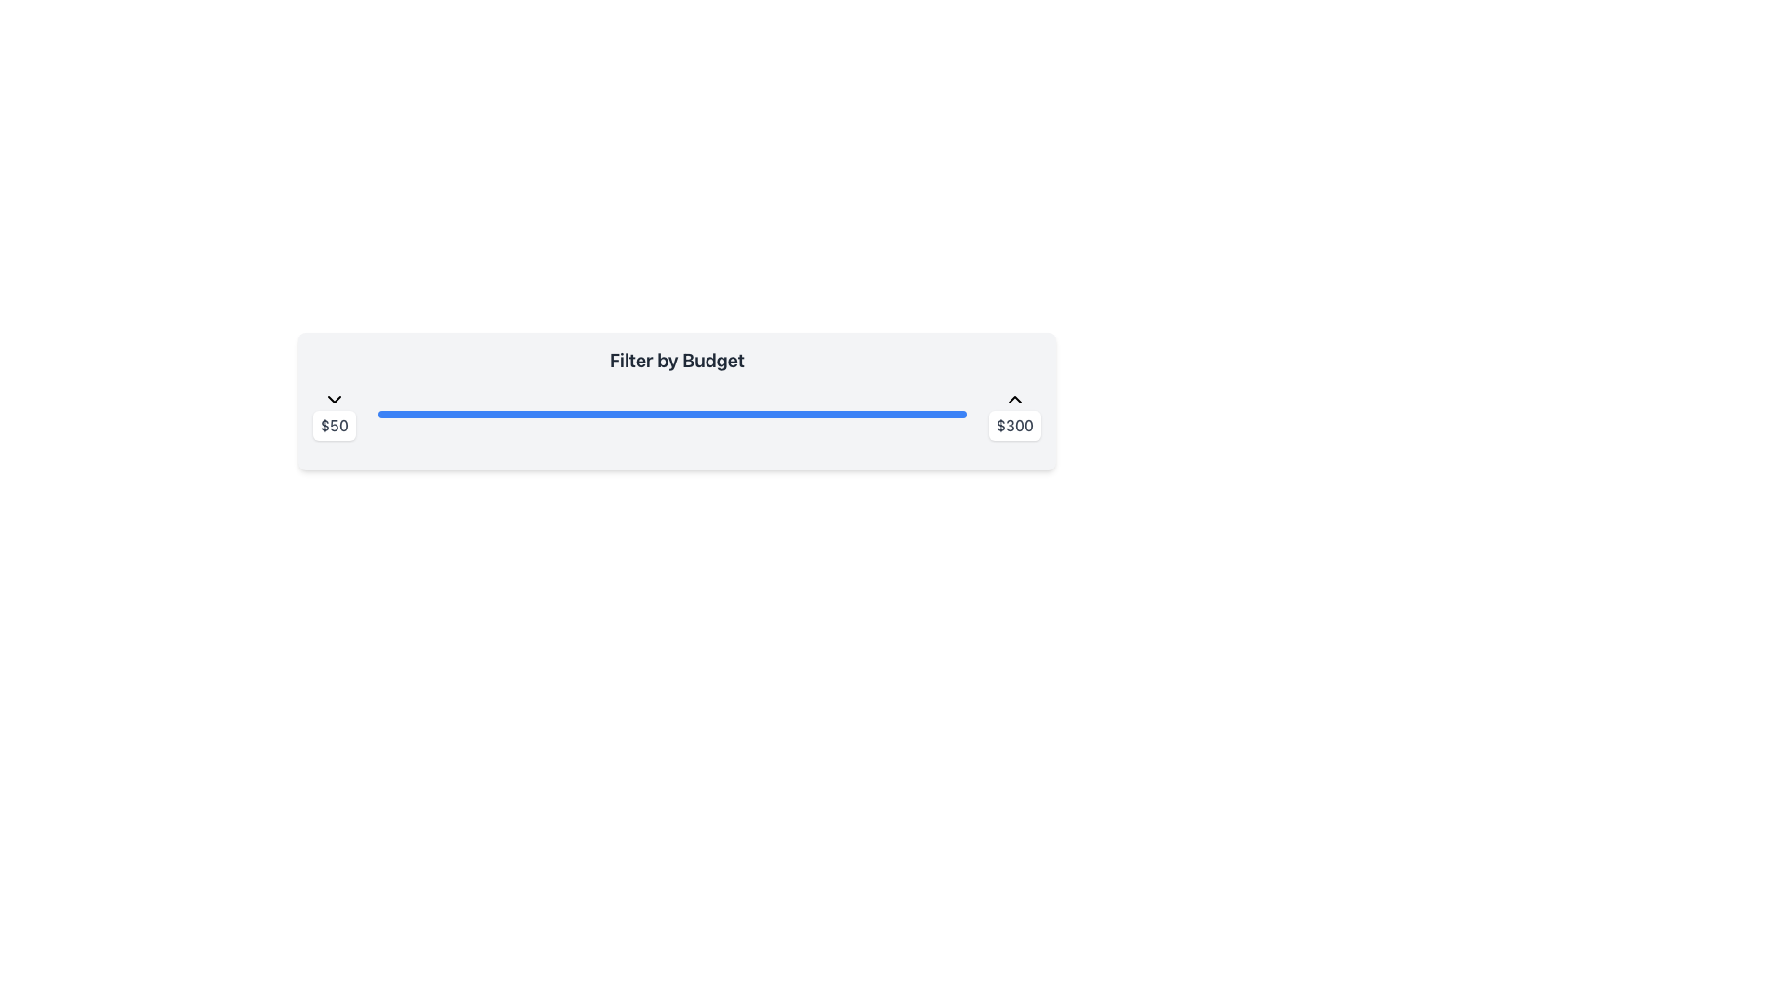 The height and width of the screenshot is (1004, 1785). I want to click on the value of the slider, so click(761, 414).